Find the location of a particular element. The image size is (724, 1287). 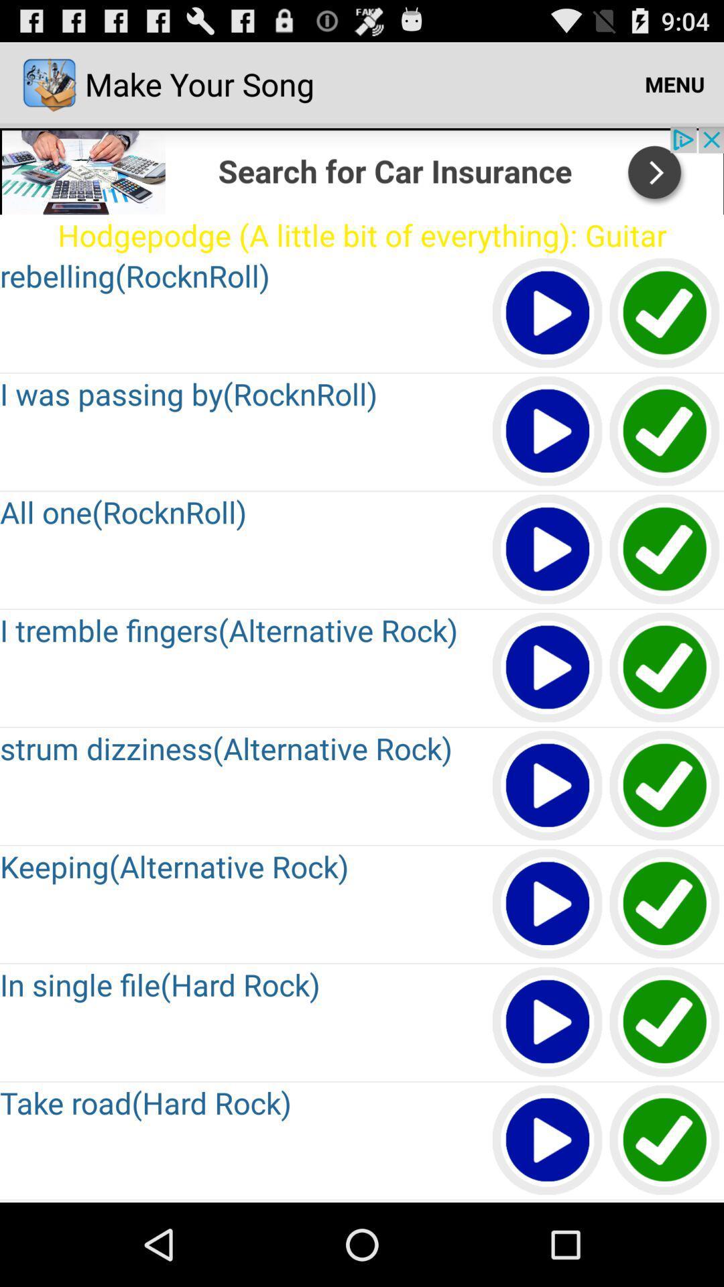

next is located at coordinates (548, 786).